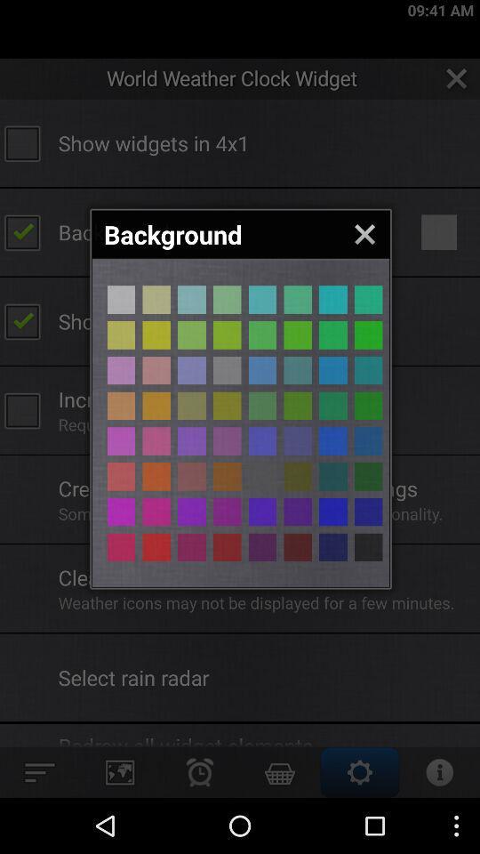 The image size is (480, 854). What do you see at coordinates (298, 440) in the screenshot?
I see `background colour selection` at bounding box center [298, 440].